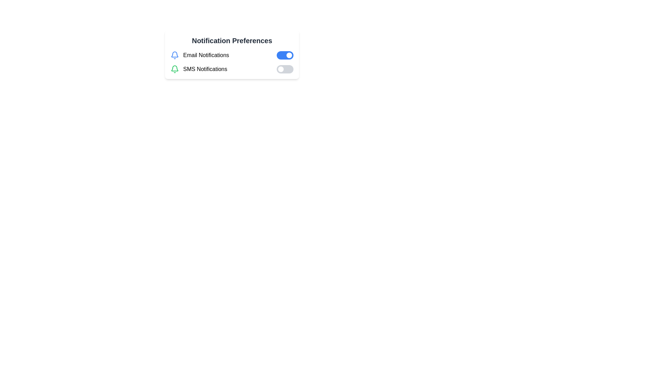  What do you see at coordinates (285, 69) in the screenshot?
I see `the second toggle switch for SMS notifications to switch it on or off` at bounding box center [285, 69].